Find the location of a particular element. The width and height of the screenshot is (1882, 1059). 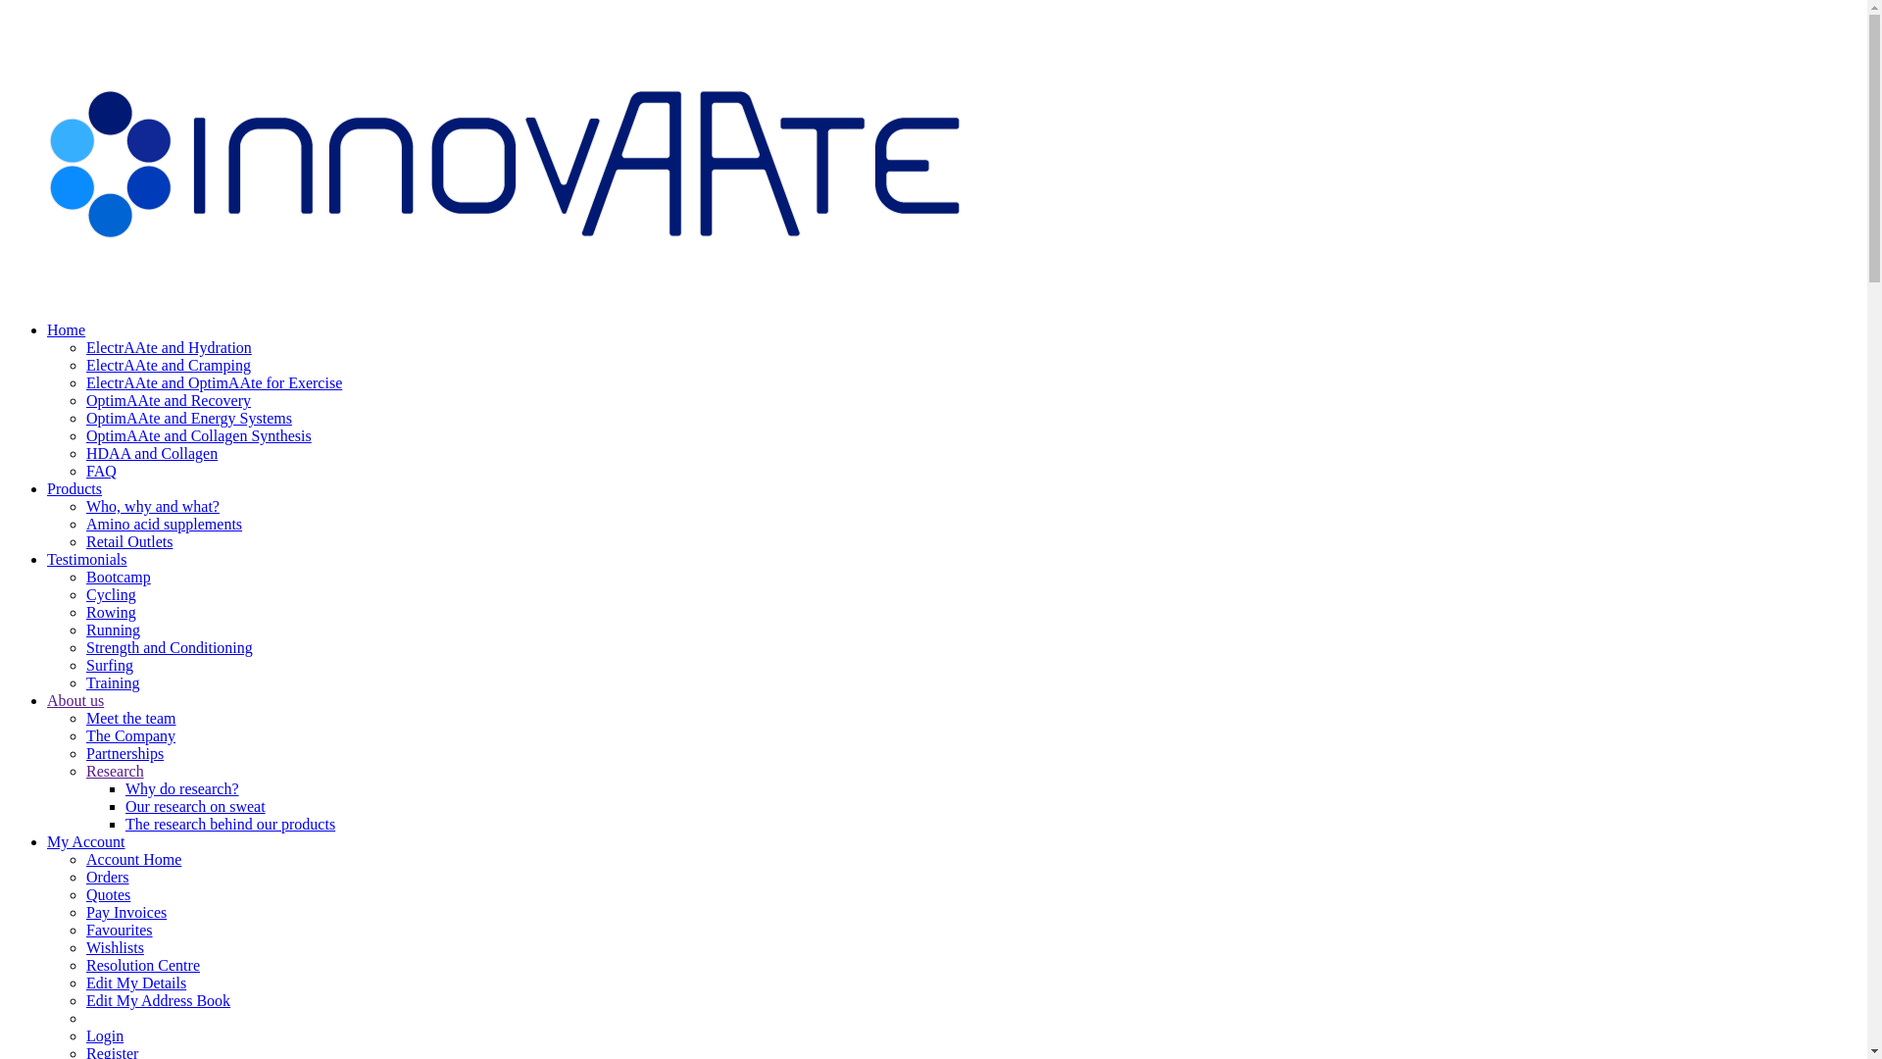

'Quotes' is located at coordinates (107, 894).